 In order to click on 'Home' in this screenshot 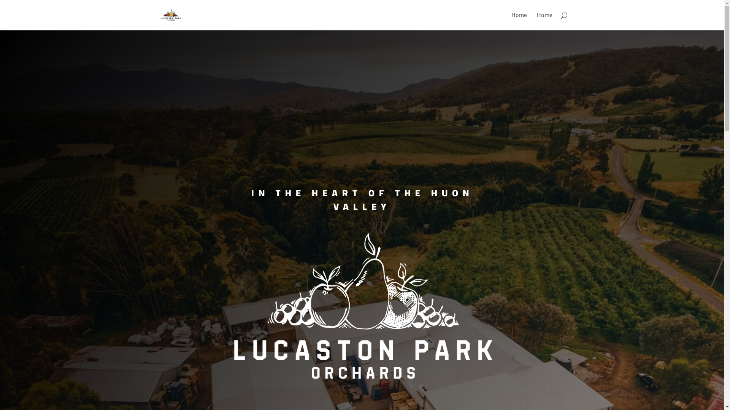, I will do `click(518, 21)`.